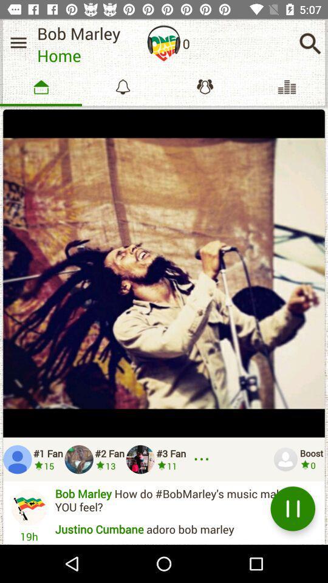 The image size is (328, 583). I want to click on item to the right of ibrahim usman am, so click(292, 508).